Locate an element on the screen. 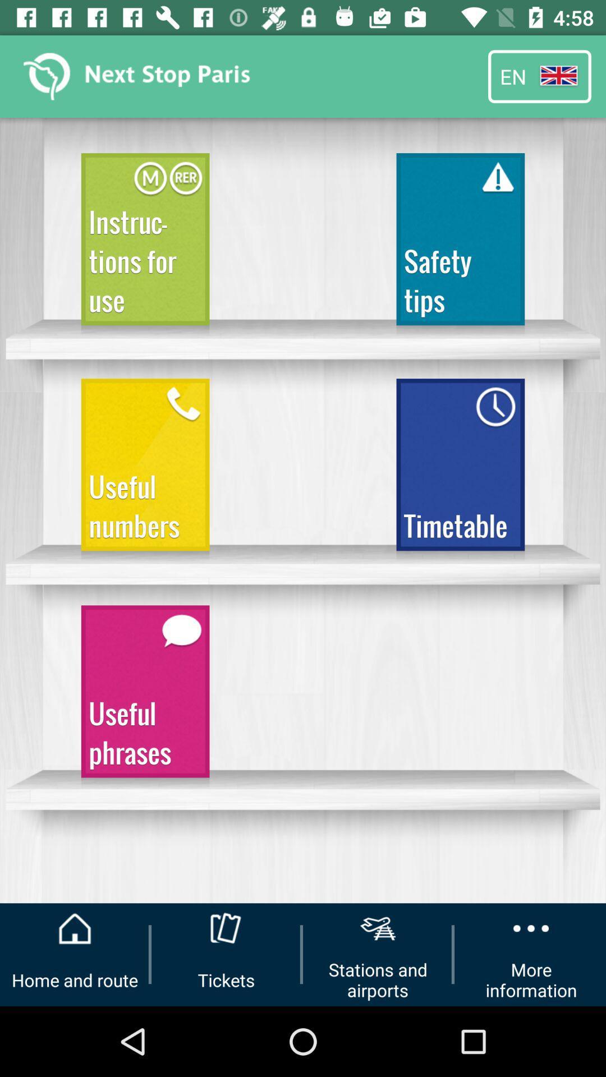 This screenshot has height=1077, width=606. the item next to the useful numbers icon is located at coordinates (460, 470).